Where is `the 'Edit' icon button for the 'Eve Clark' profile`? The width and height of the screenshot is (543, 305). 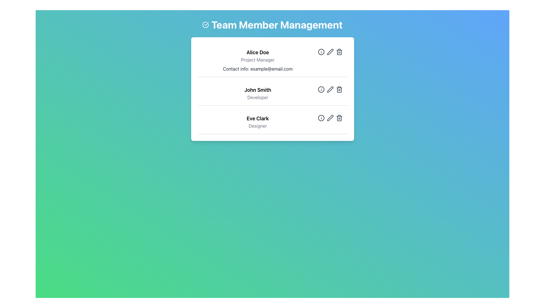 the 'Edit' icon button for the 'Eve Clark' profile is located at coordinates (330, 117).